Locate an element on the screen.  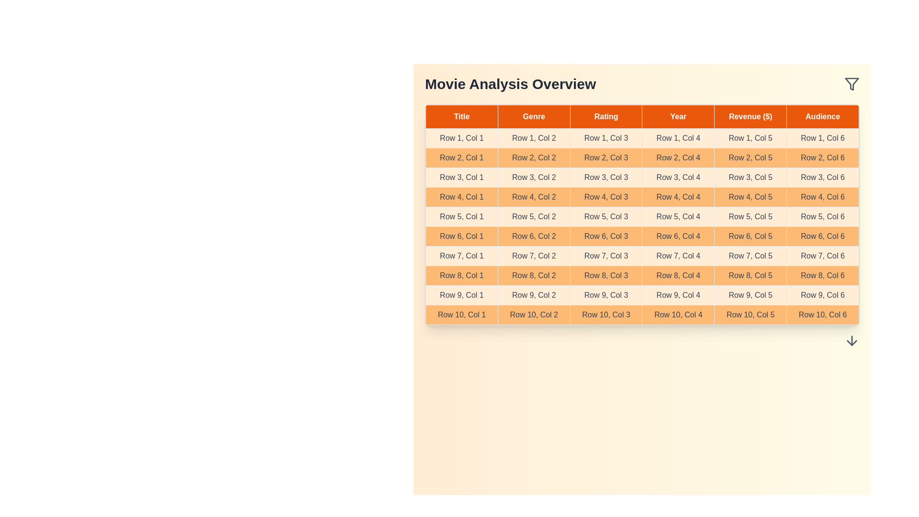
the header cell labeled Revenue ($) to sort the column is located at coordinates (750, 116).